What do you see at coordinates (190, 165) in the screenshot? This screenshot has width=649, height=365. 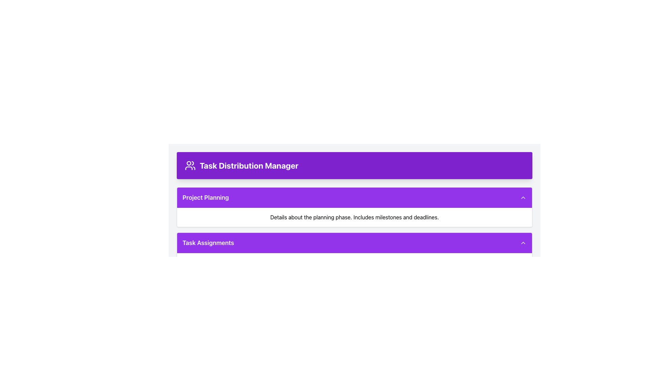 I see `the icon located in the top-left corner of the purple header bar labeled 'Task Distribution Manager', which visually identifies the section related to user or group management` at bounding box center [190, 165].